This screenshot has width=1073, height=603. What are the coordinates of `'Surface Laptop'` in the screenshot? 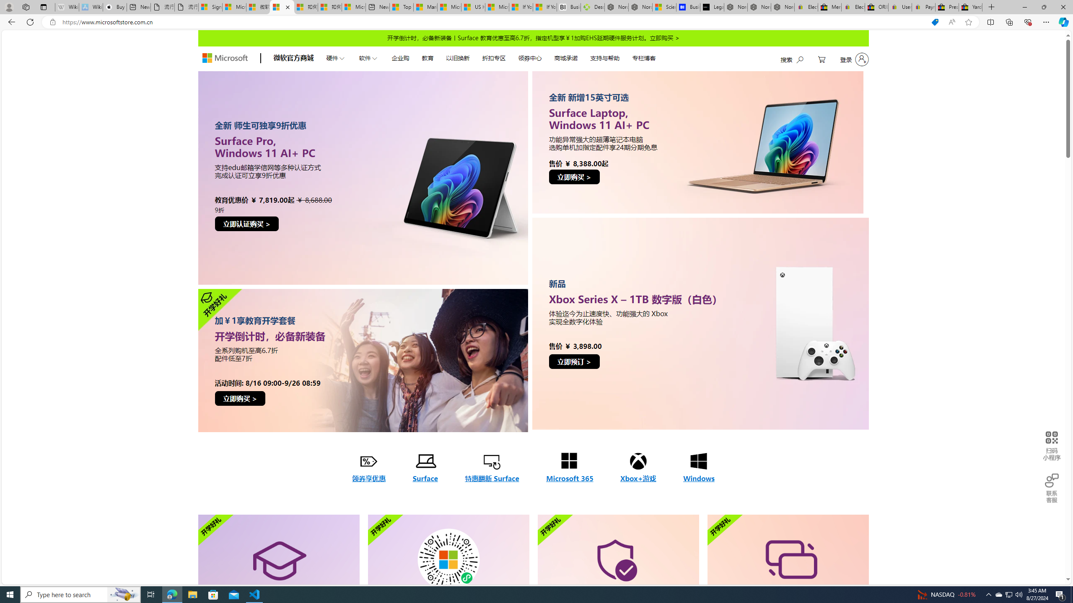 It's located at (700, 142).